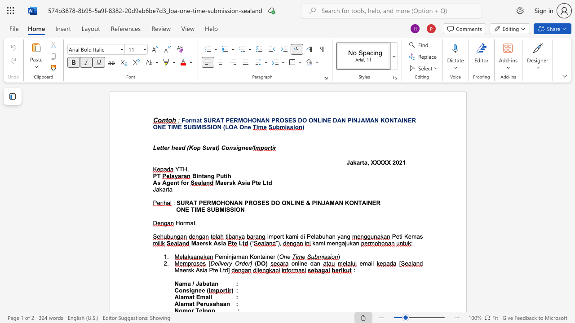 Image resolution: width=575 pixels, height=323 pixels. What do you see at coordinates (195, 284) in the screenshot?
I see `the subset text "Jab" within the text "Nama / Jabatan"` at bounding box center [195, 284].